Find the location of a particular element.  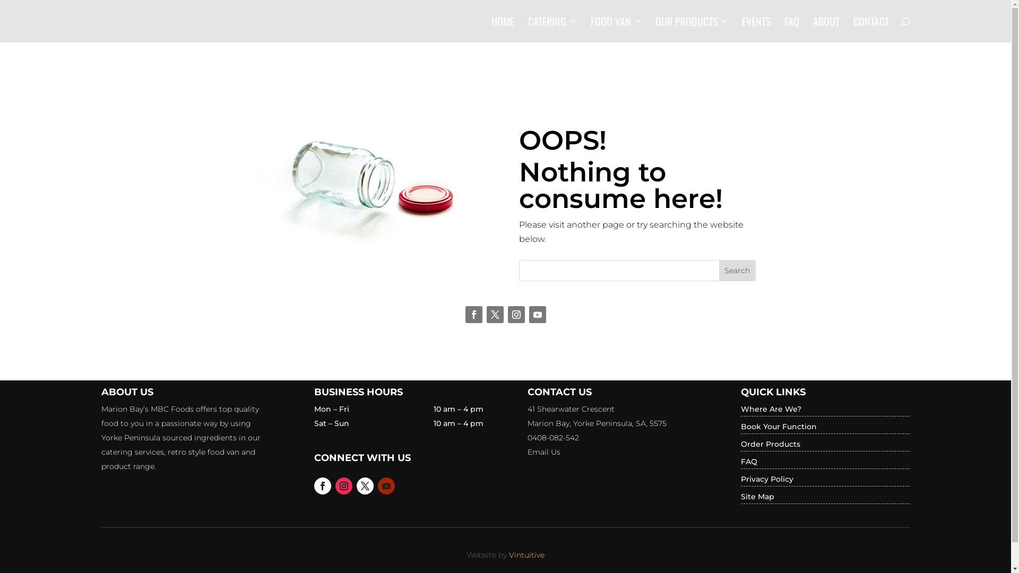

'Follow on Instagram' is located at coordinates (515, 314).